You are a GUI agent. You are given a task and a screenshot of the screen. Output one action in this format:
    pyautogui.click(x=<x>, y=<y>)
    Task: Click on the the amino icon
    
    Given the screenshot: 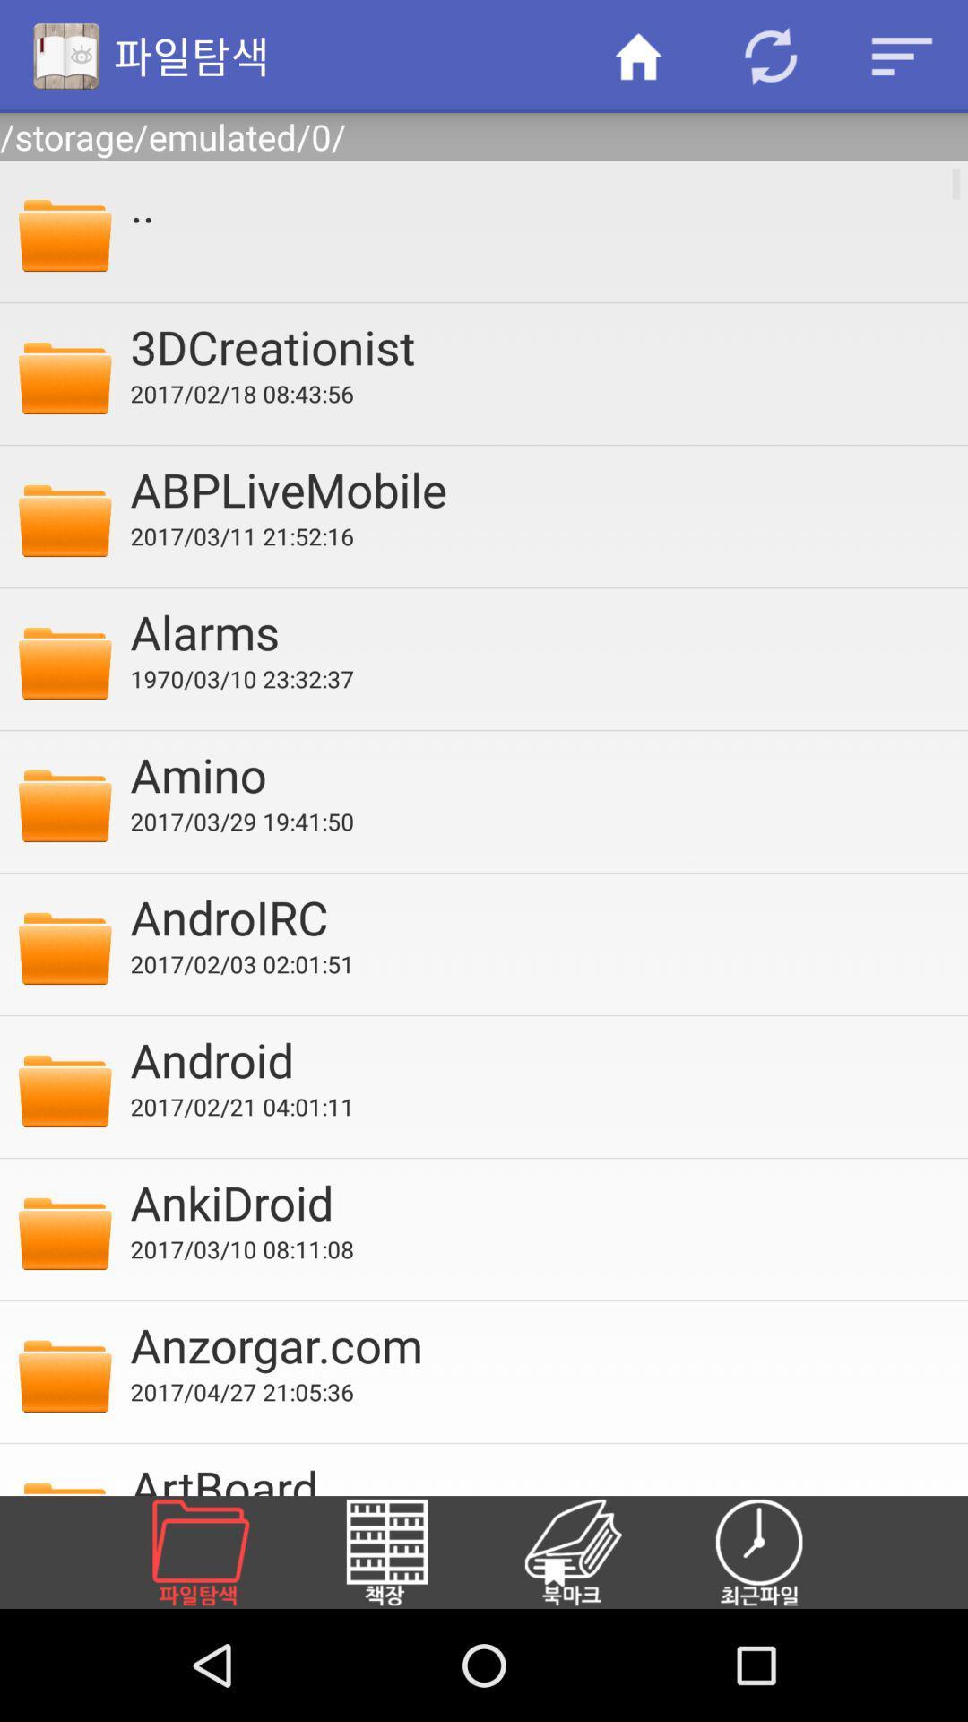 What is the action you would take?
    pyautogui.click(x=536, y=774)
    